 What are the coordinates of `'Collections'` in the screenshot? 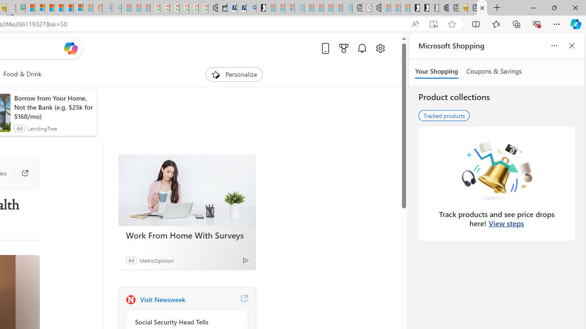 It's located at (516, 23).